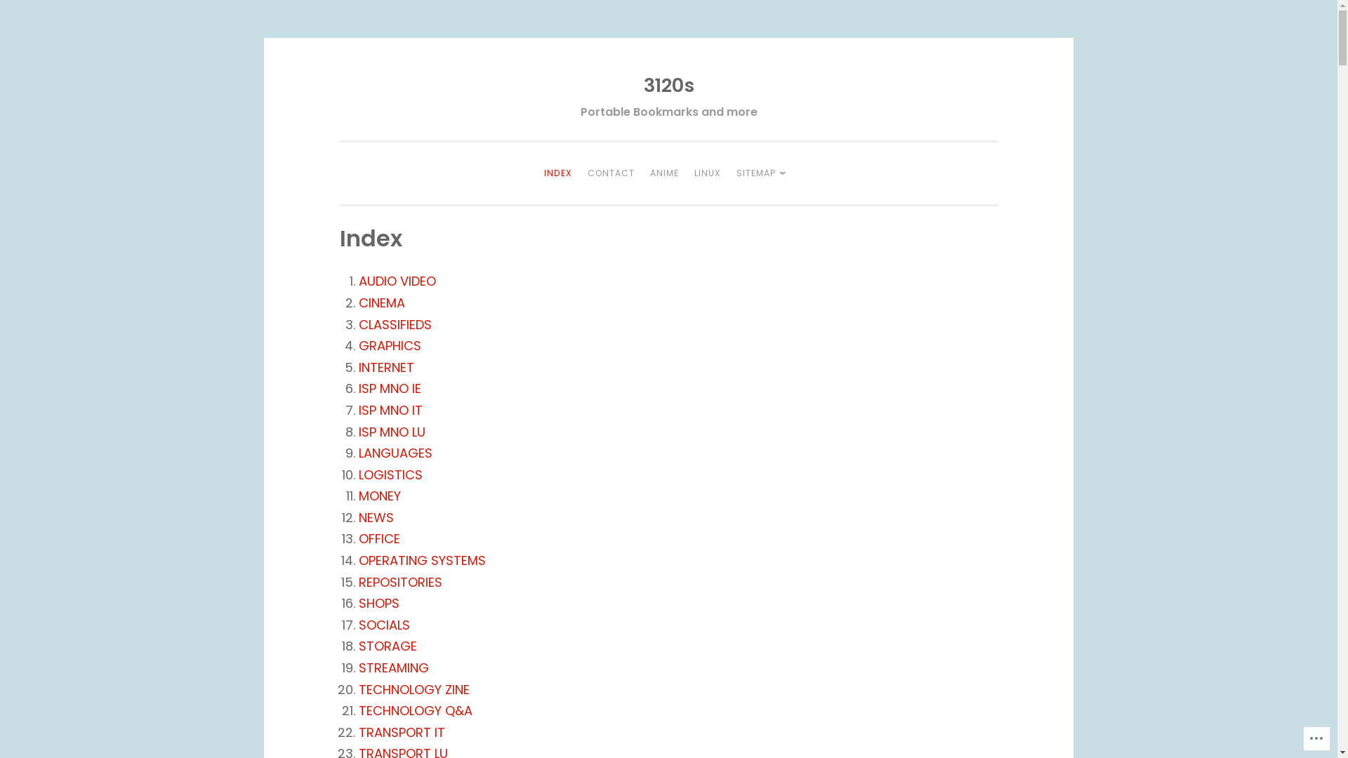  What do you see at coordinates (421, 559) in the screenshot?
I see `'OPERATING SYSTEMS'` at bounding box center [421, 559].